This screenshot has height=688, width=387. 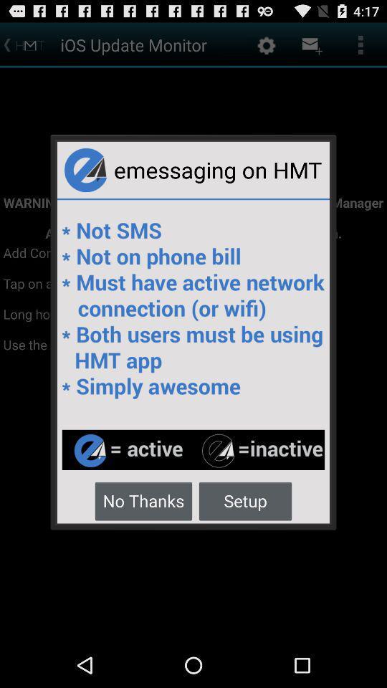 I want to click on setup item, so click(x=244, y=500).